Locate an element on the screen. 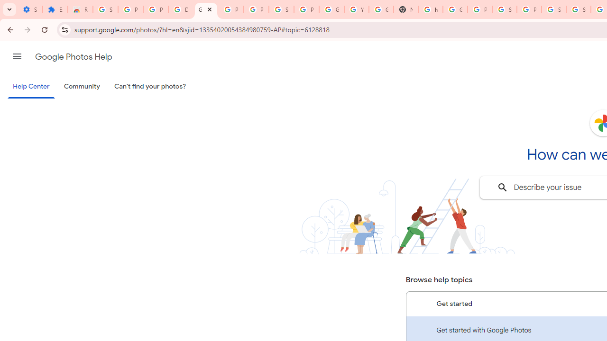 This screenshot has width=607, height=341. 'Help Center' is located at coordinates (31, 87).